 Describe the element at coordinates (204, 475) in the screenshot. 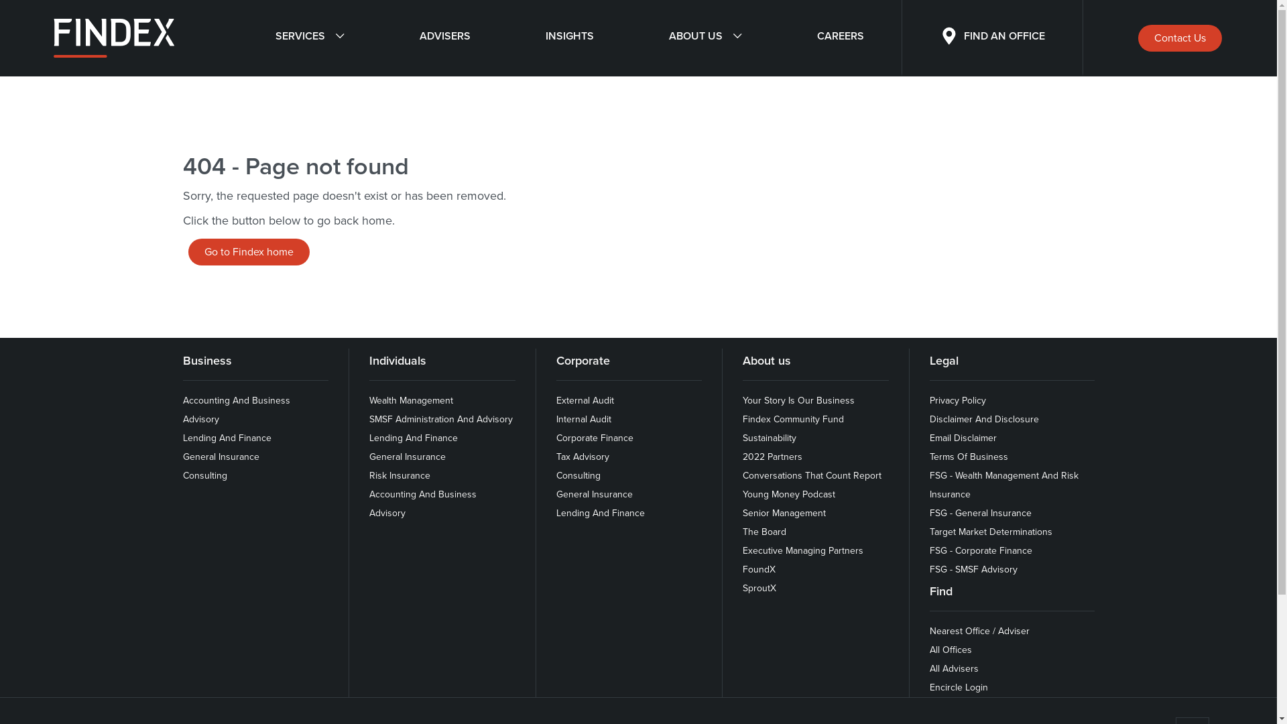

I see `'Consulting'` at that location.